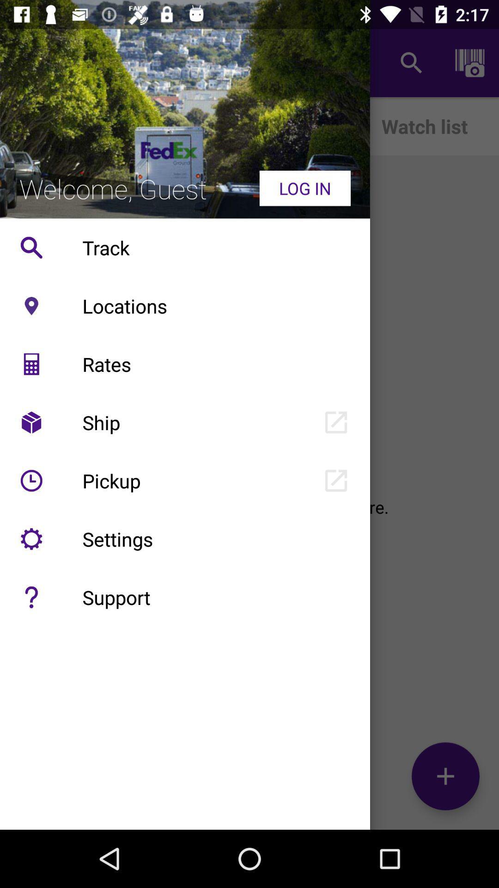 This screenshot has height=888, width=499. I want to click on the support option from the bottom, so click(31, 597).